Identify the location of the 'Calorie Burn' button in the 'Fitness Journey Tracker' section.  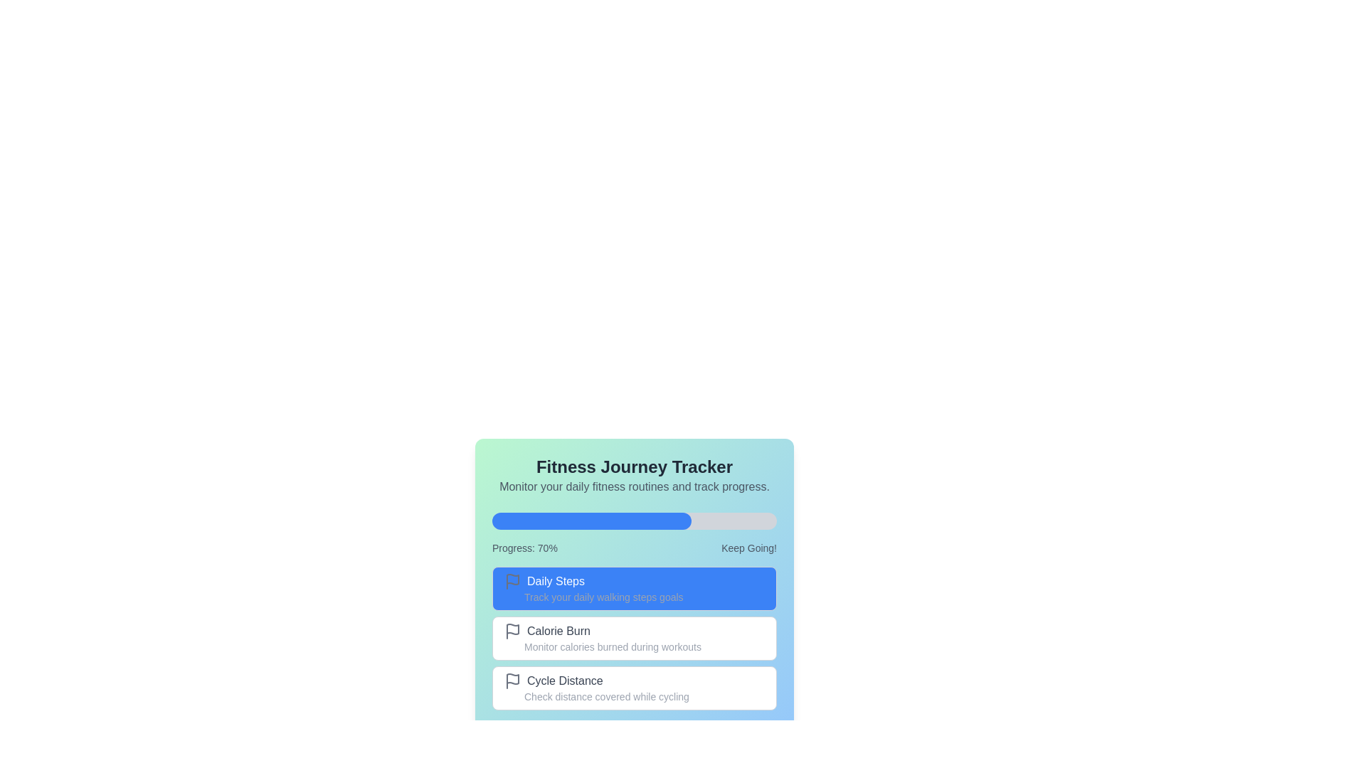
(634, 638).